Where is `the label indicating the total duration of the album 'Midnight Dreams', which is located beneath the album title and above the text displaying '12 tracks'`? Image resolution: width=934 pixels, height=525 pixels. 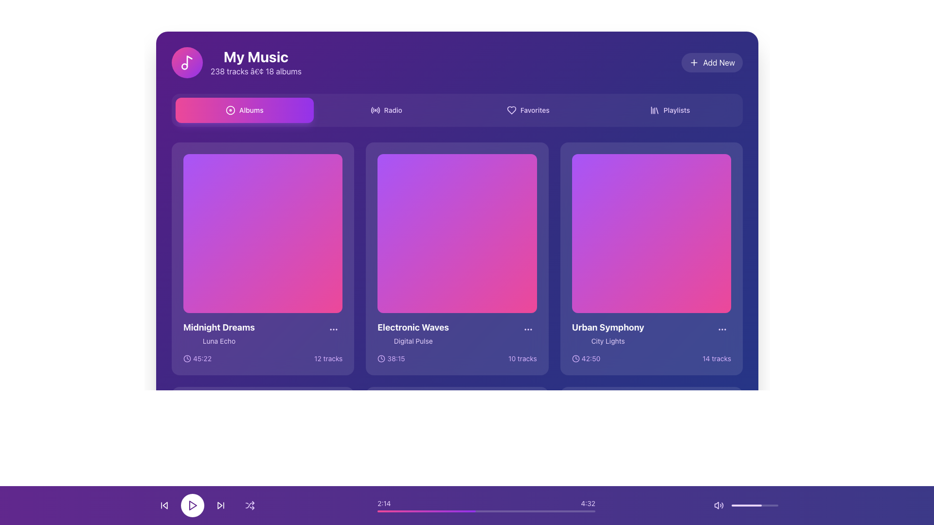 the label indicating the total duration of the album 'Midnight Dreams', which is located beneath the album title and above the text displaying '12 tracks' is located at coordinates (197, 359).